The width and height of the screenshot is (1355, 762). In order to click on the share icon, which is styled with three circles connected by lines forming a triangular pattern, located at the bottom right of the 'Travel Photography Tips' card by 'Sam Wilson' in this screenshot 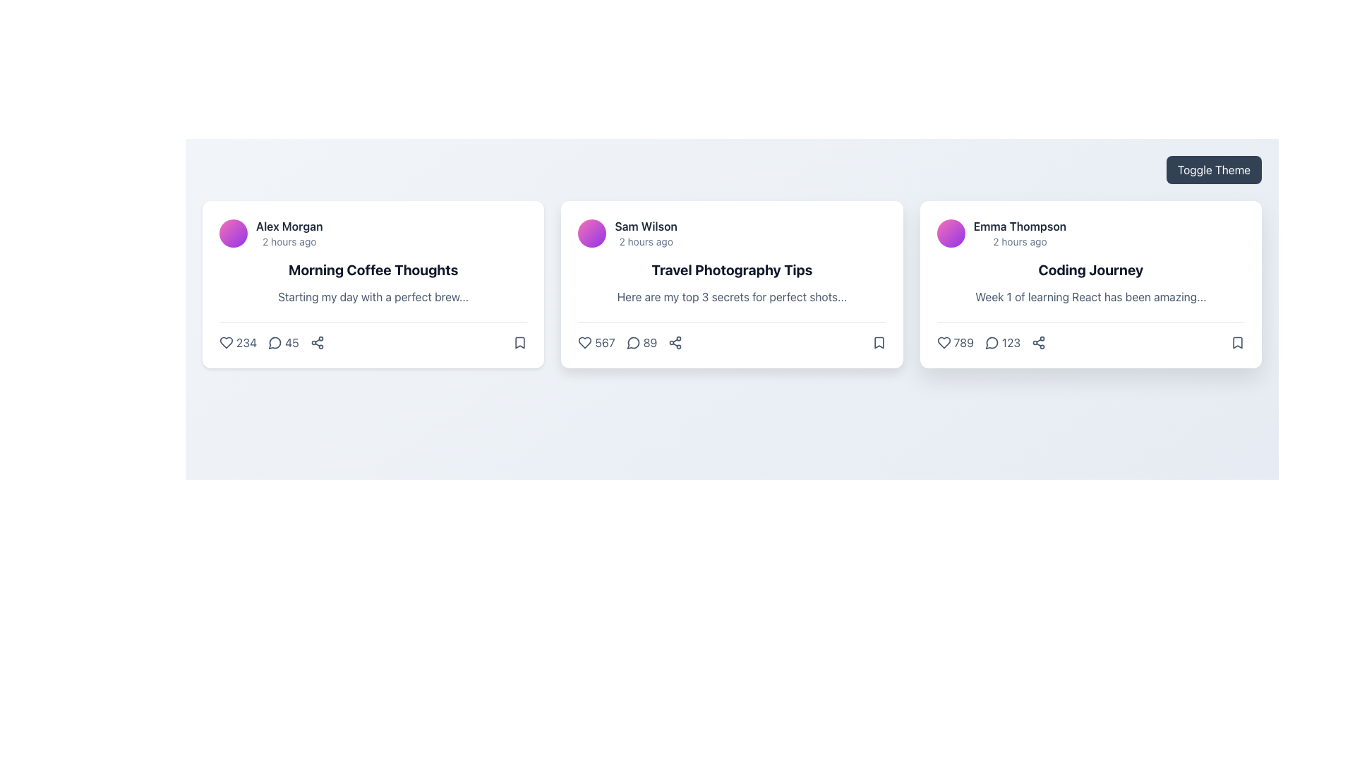, I will do `click(675, 343)`.